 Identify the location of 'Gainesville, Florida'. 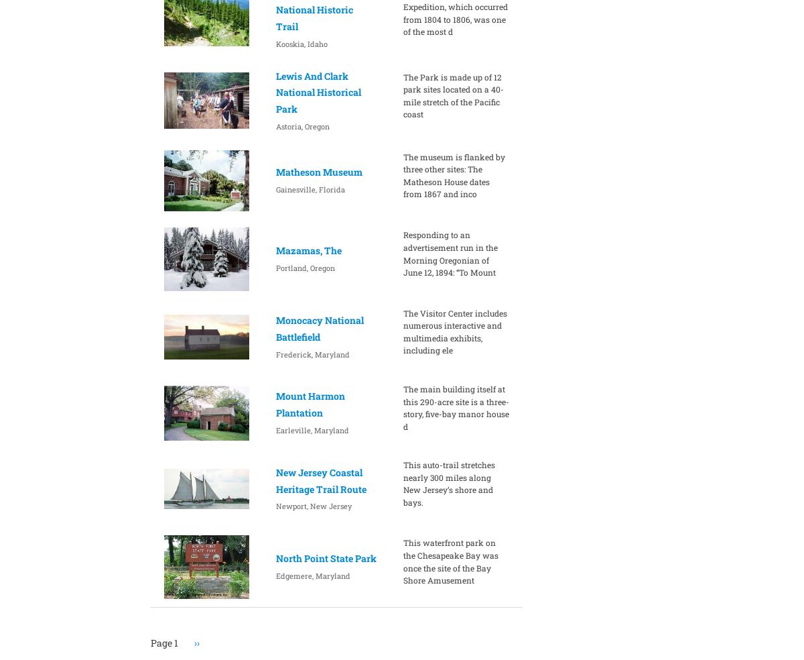
(275, 188).